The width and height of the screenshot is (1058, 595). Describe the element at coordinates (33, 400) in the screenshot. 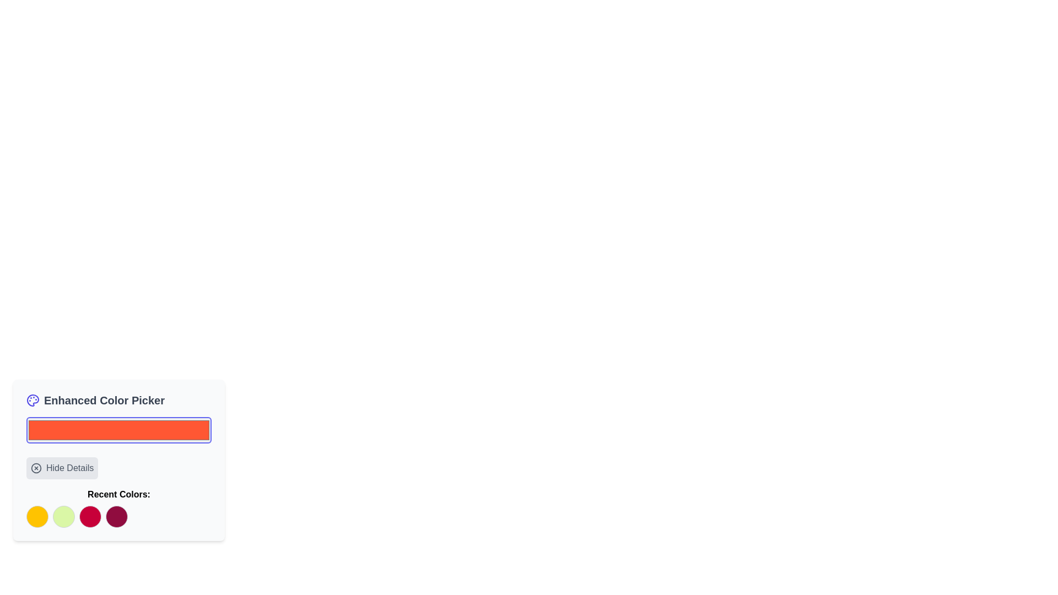

I see `the circular icon with a palette design, featuring multiple small circles representing paint wells, located next to the bold text 'Enhanced Color Picker'` at that location.